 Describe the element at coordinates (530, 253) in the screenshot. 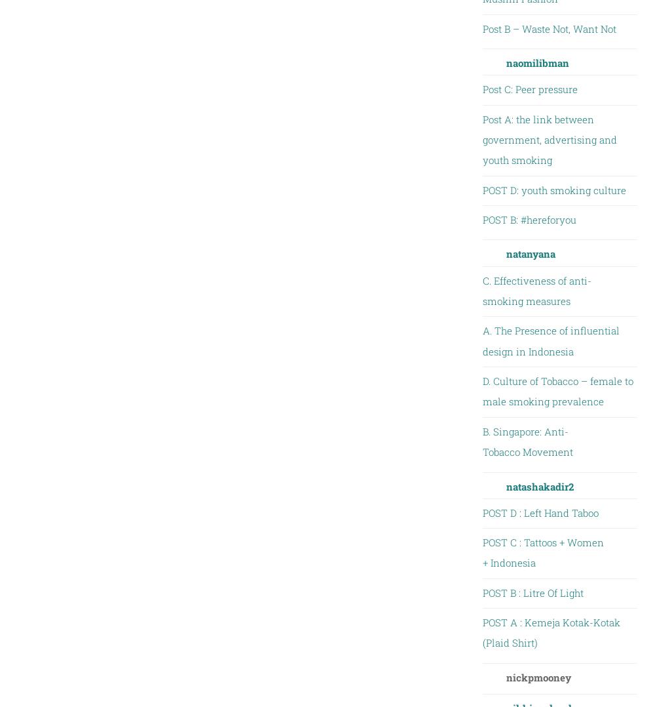

I see `'natanyana'` at that location.